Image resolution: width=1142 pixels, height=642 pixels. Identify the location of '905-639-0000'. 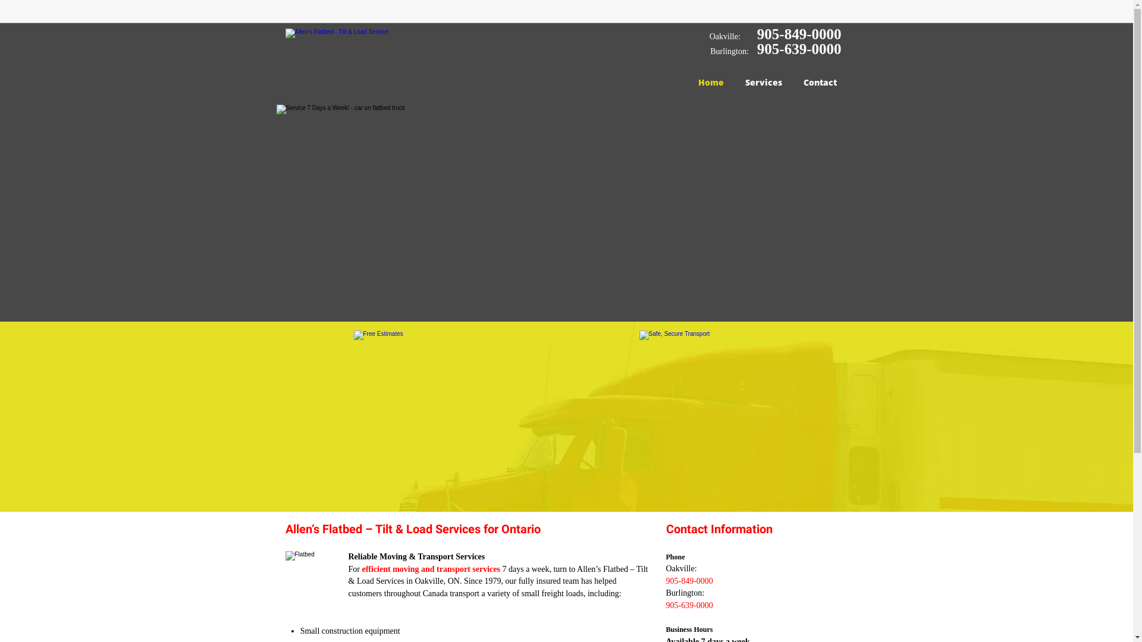
(799, 48).